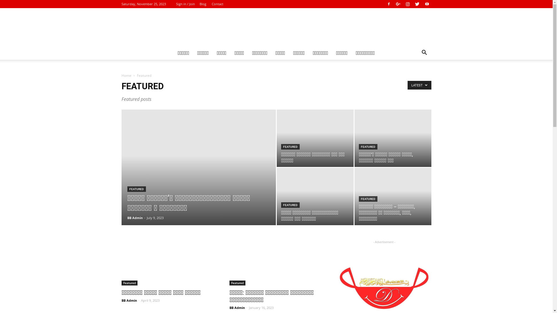 This screenshot has height=313, width=557. Describe the element at coordinates (136, 189) in the screenshot. I see `'FEATURED'` at that location.